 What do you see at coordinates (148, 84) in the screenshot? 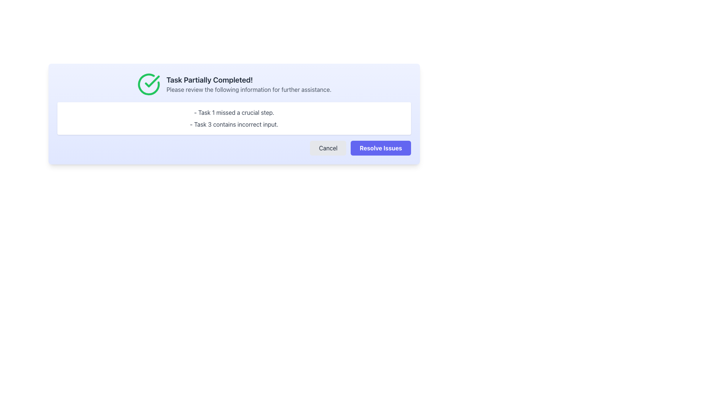
I see `the circular icon with a green stroke and checkmark, which indicates action confirmation, located to the left of the text 'Task Partially Completed!'` at bounding box center [148, 84].